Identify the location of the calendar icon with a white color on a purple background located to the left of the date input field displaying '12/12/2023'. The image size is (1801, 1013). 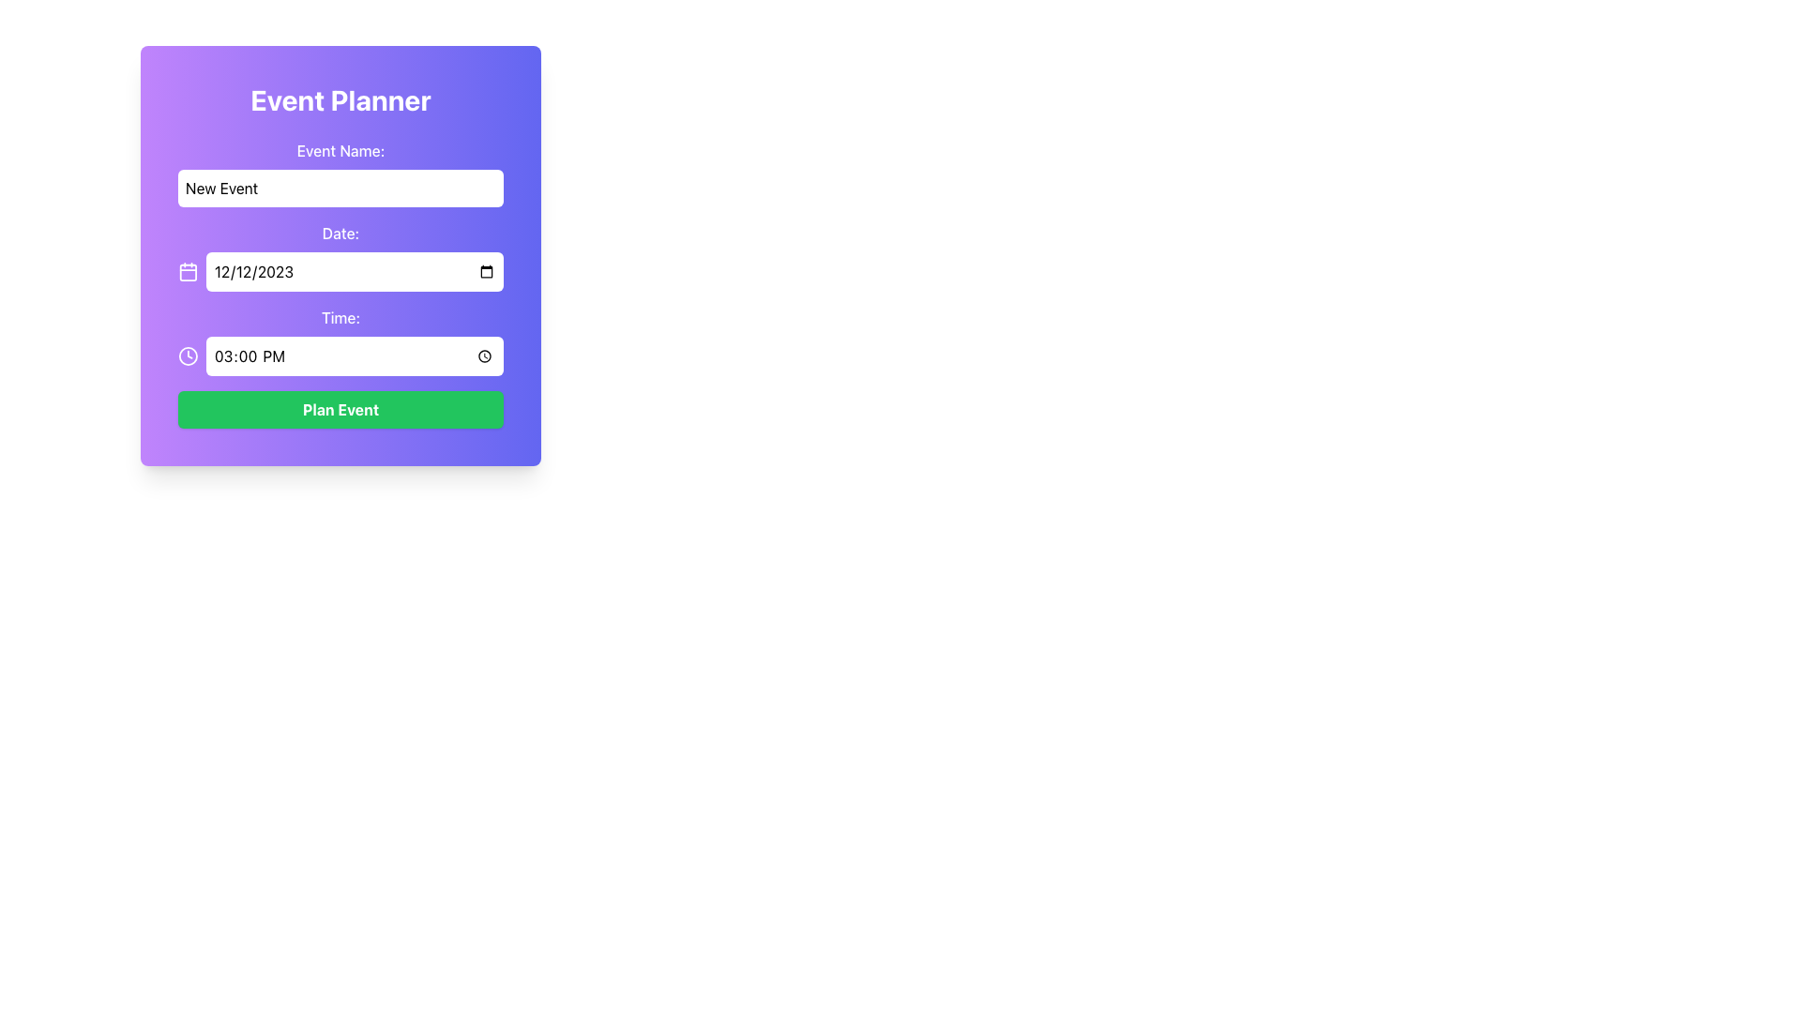
(188, 271).